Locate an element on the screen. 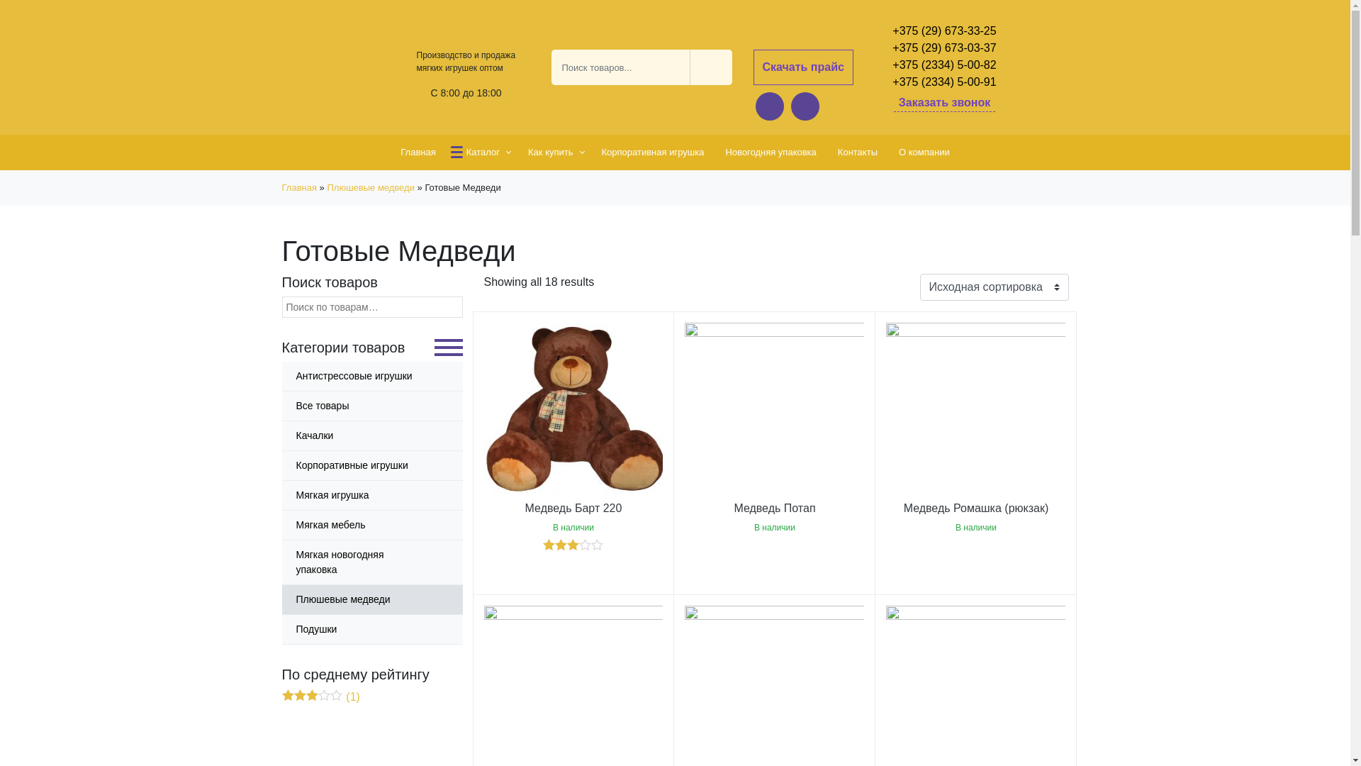 This screenshot has width=1361, height=766. '+375 (29) 673-33-25' is located at coordinates (944, 30).